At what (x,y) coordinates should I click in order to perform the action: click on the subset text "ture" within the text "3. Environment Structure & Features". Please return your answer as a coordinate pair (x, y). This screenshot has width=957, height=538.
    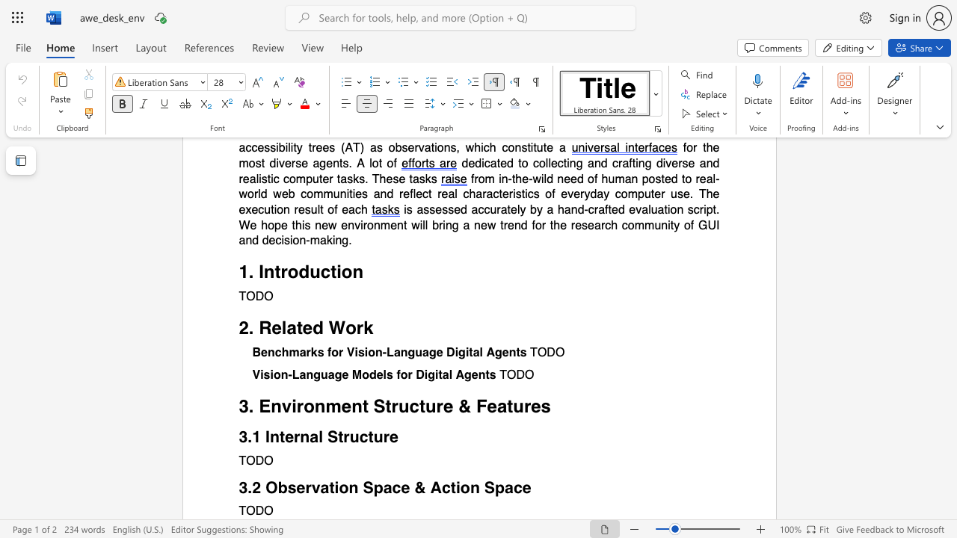
    Looking at the image, I should click on (419, 406).